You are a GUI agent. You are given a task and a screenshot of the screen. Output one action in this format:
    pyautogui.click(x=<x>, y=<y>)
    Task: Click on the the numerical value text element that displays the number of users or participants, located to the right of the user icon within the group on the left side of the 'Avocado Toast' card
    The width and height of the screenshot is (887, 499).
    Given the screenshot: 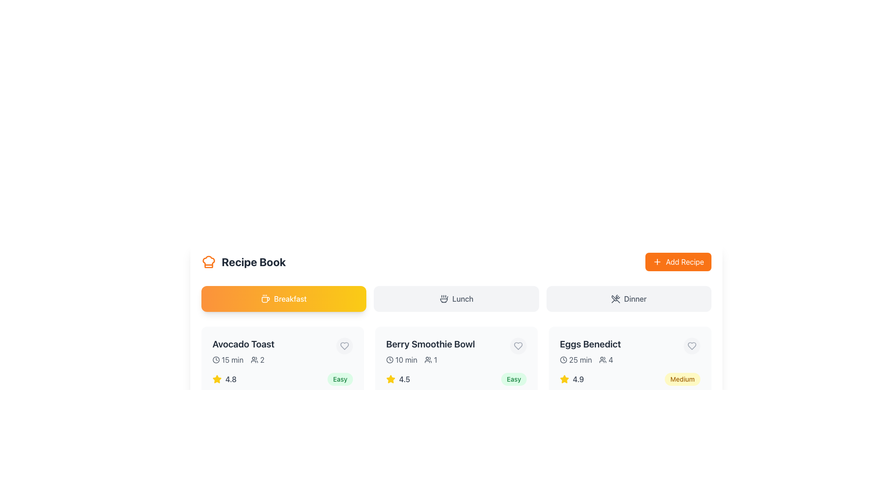 What is the action you would take?
    pyautogui.click(x=261, y=359)
    